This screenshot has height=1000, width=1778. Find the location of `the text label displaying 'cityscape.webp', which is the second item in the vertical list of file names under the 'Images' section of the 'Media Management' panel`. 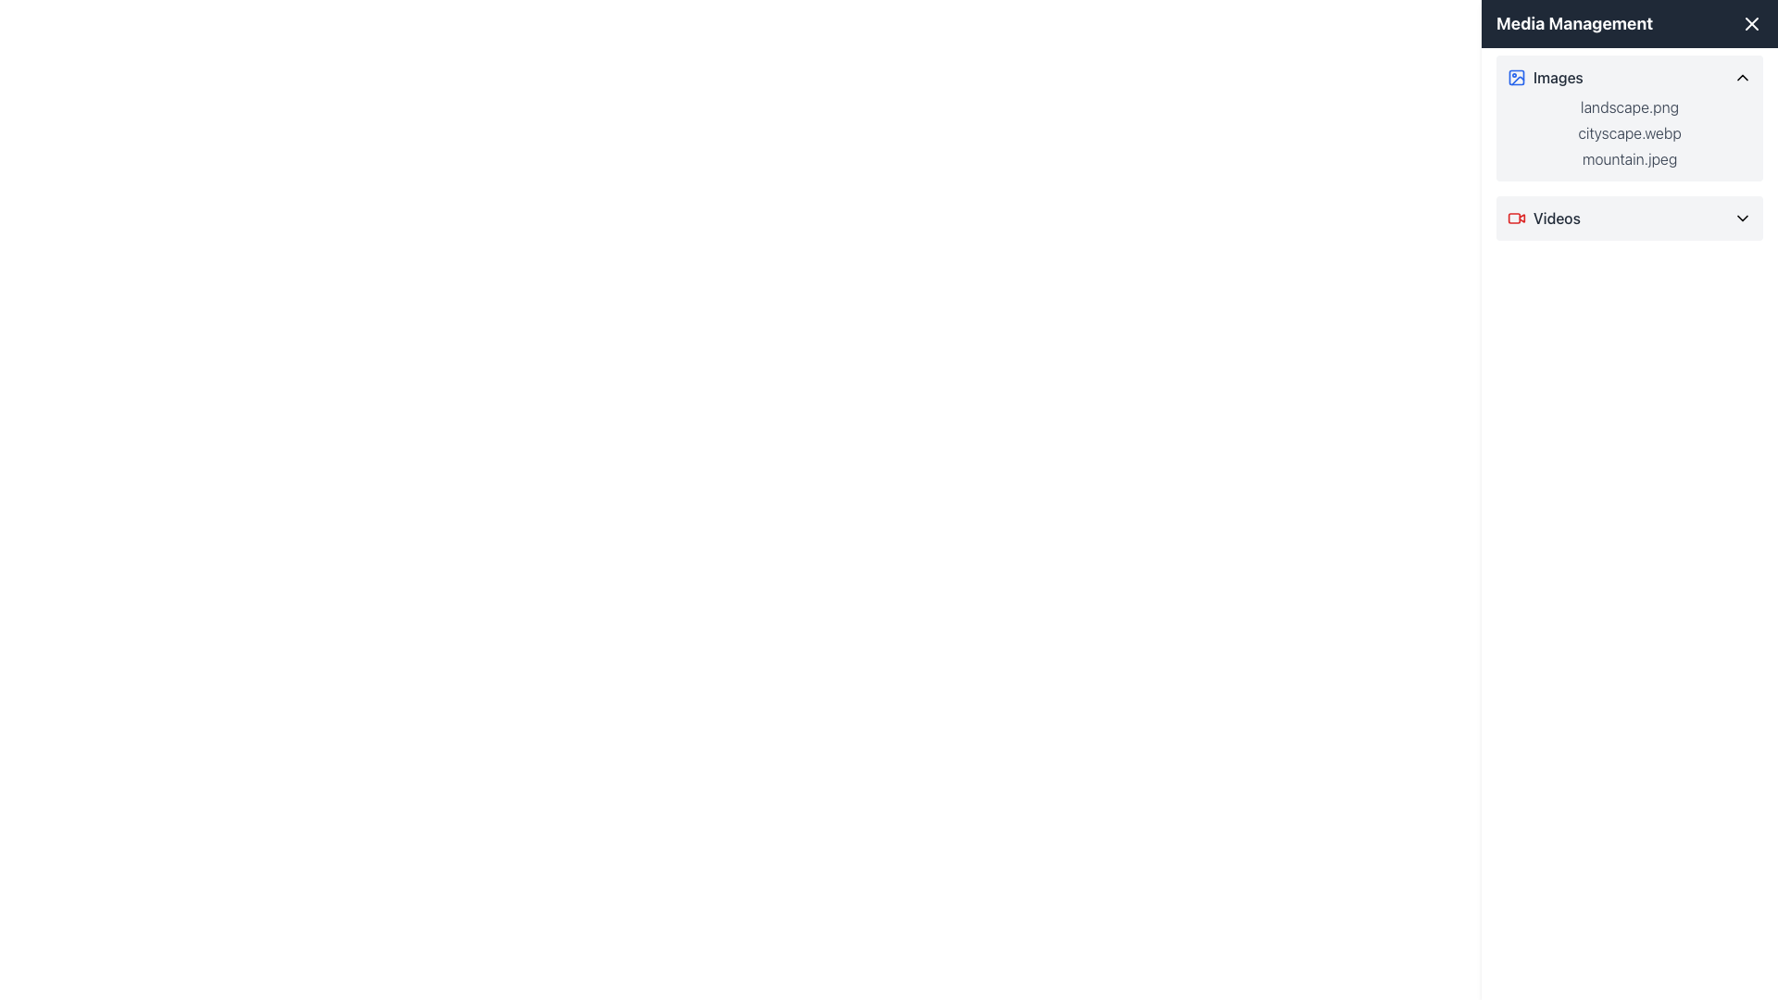

the text label displaying 'cityscape.webp', which is the second item in the vertical list of file names under the 'Images' section of the 'Media Management' panel is located at coordinates (1630, 131).